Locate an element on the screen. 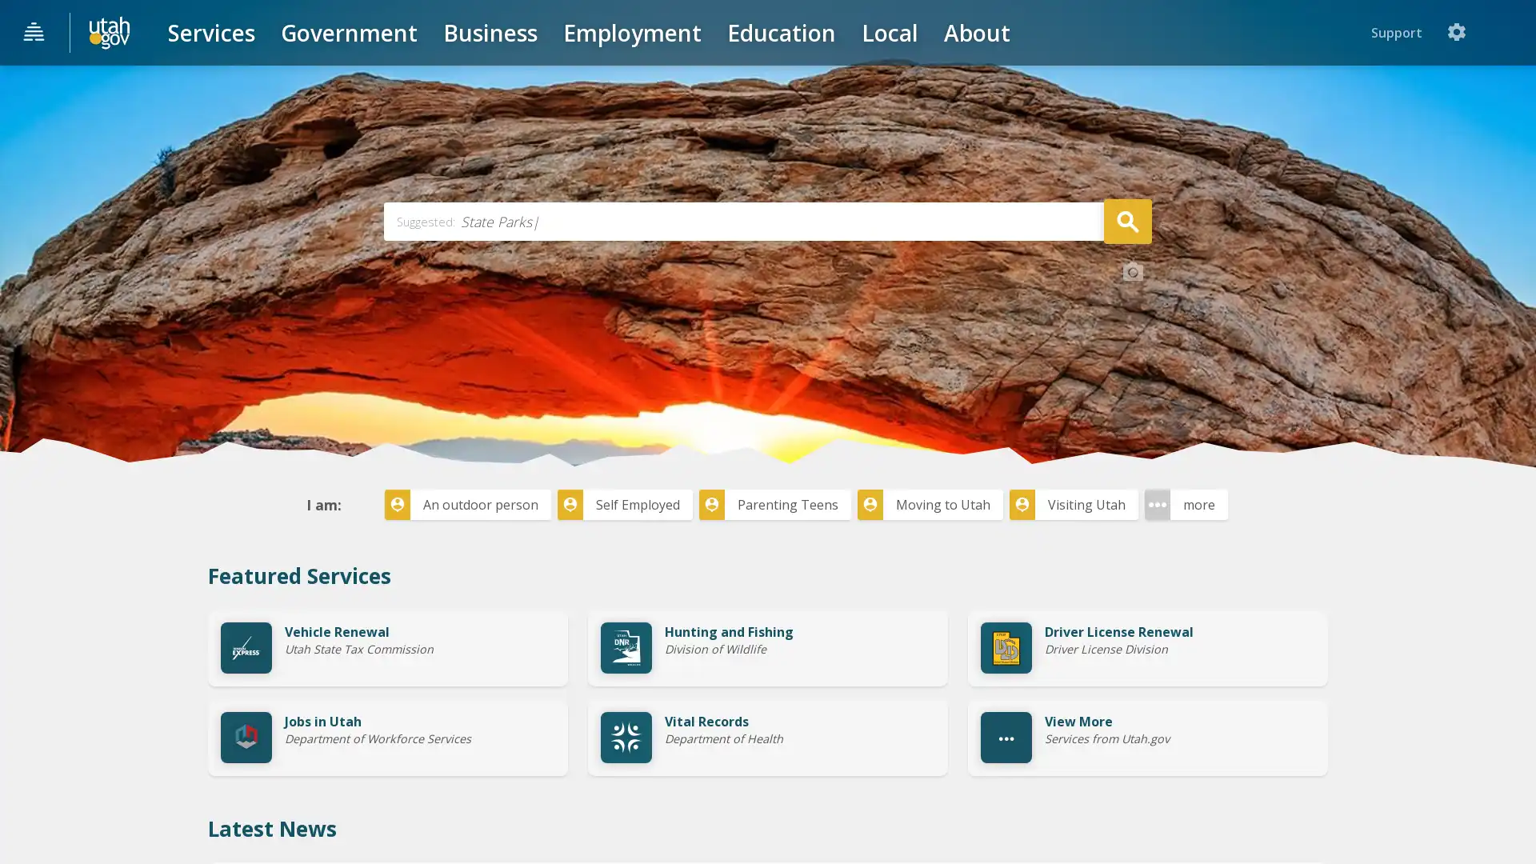 The width and height of the screenshot is (1536, 864). Menu is located at coordinates (34, 33).